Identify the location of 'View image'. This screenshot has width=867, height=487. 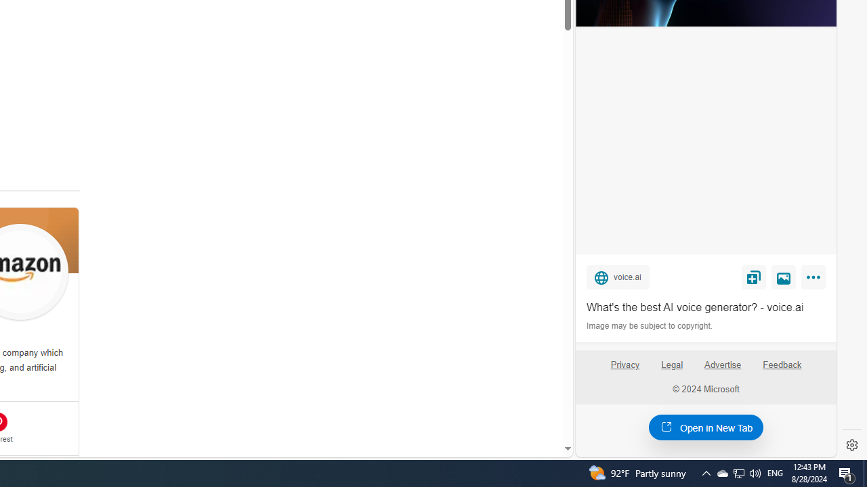
(784, 276).